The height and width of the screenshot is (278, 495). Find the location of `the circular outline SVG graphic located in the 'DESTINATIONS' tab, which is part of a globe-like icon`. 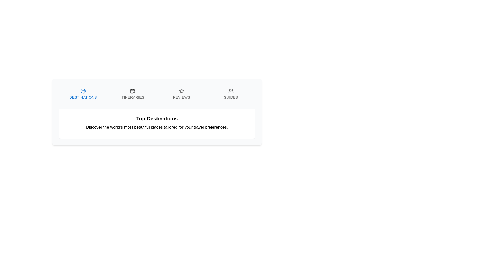

the circular outline SVG graphic located in the 'DESTINATIONS' tab, which is part of a globe-like icon is located at coordinates (83, 91).